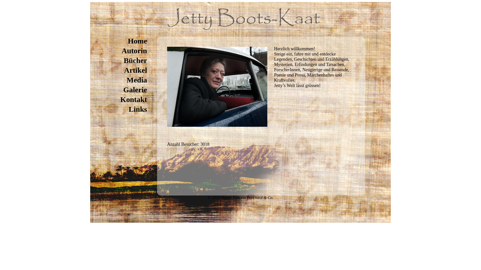 This screenshot has height=270, width=481. Describe the element at coordinates (138, 109) in the screenshot. I see `'Links'` at that location.